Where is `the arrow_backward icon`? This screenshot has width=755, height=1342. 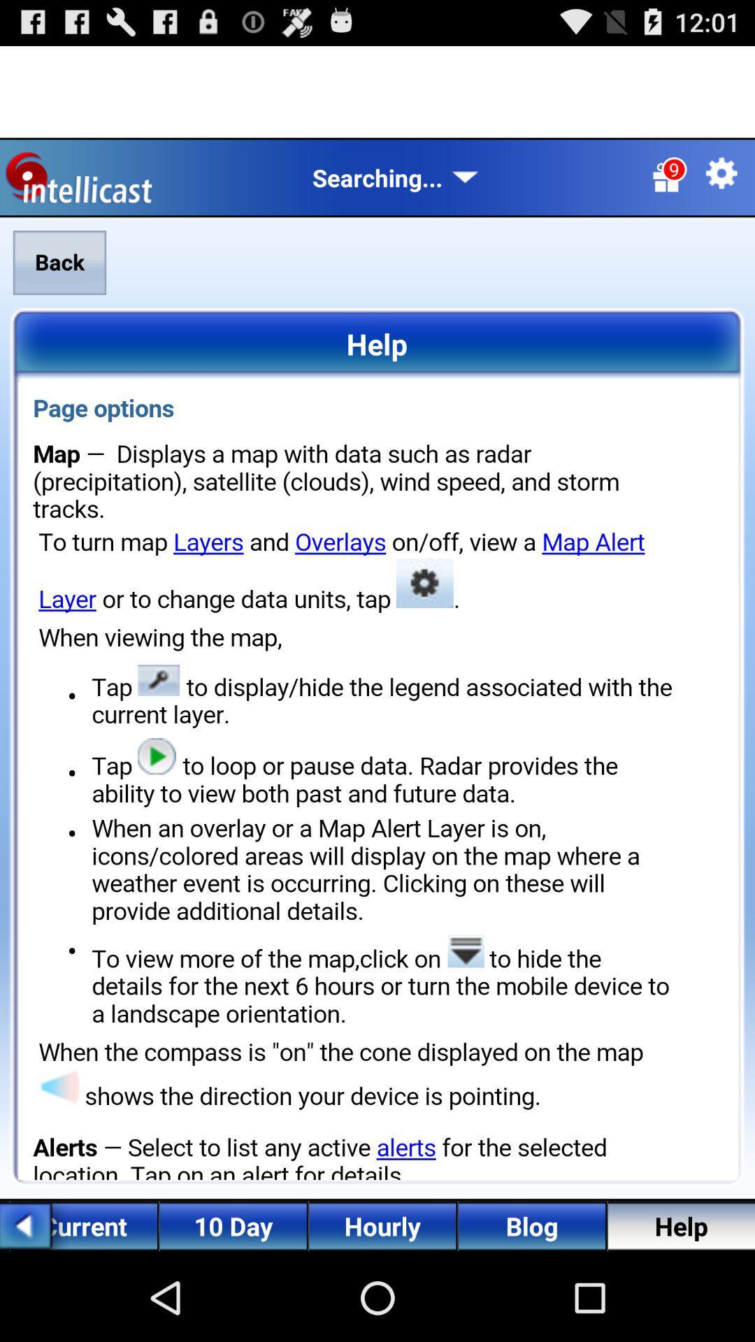
the arrow_backward icon is located at coordinates (34, 1311).